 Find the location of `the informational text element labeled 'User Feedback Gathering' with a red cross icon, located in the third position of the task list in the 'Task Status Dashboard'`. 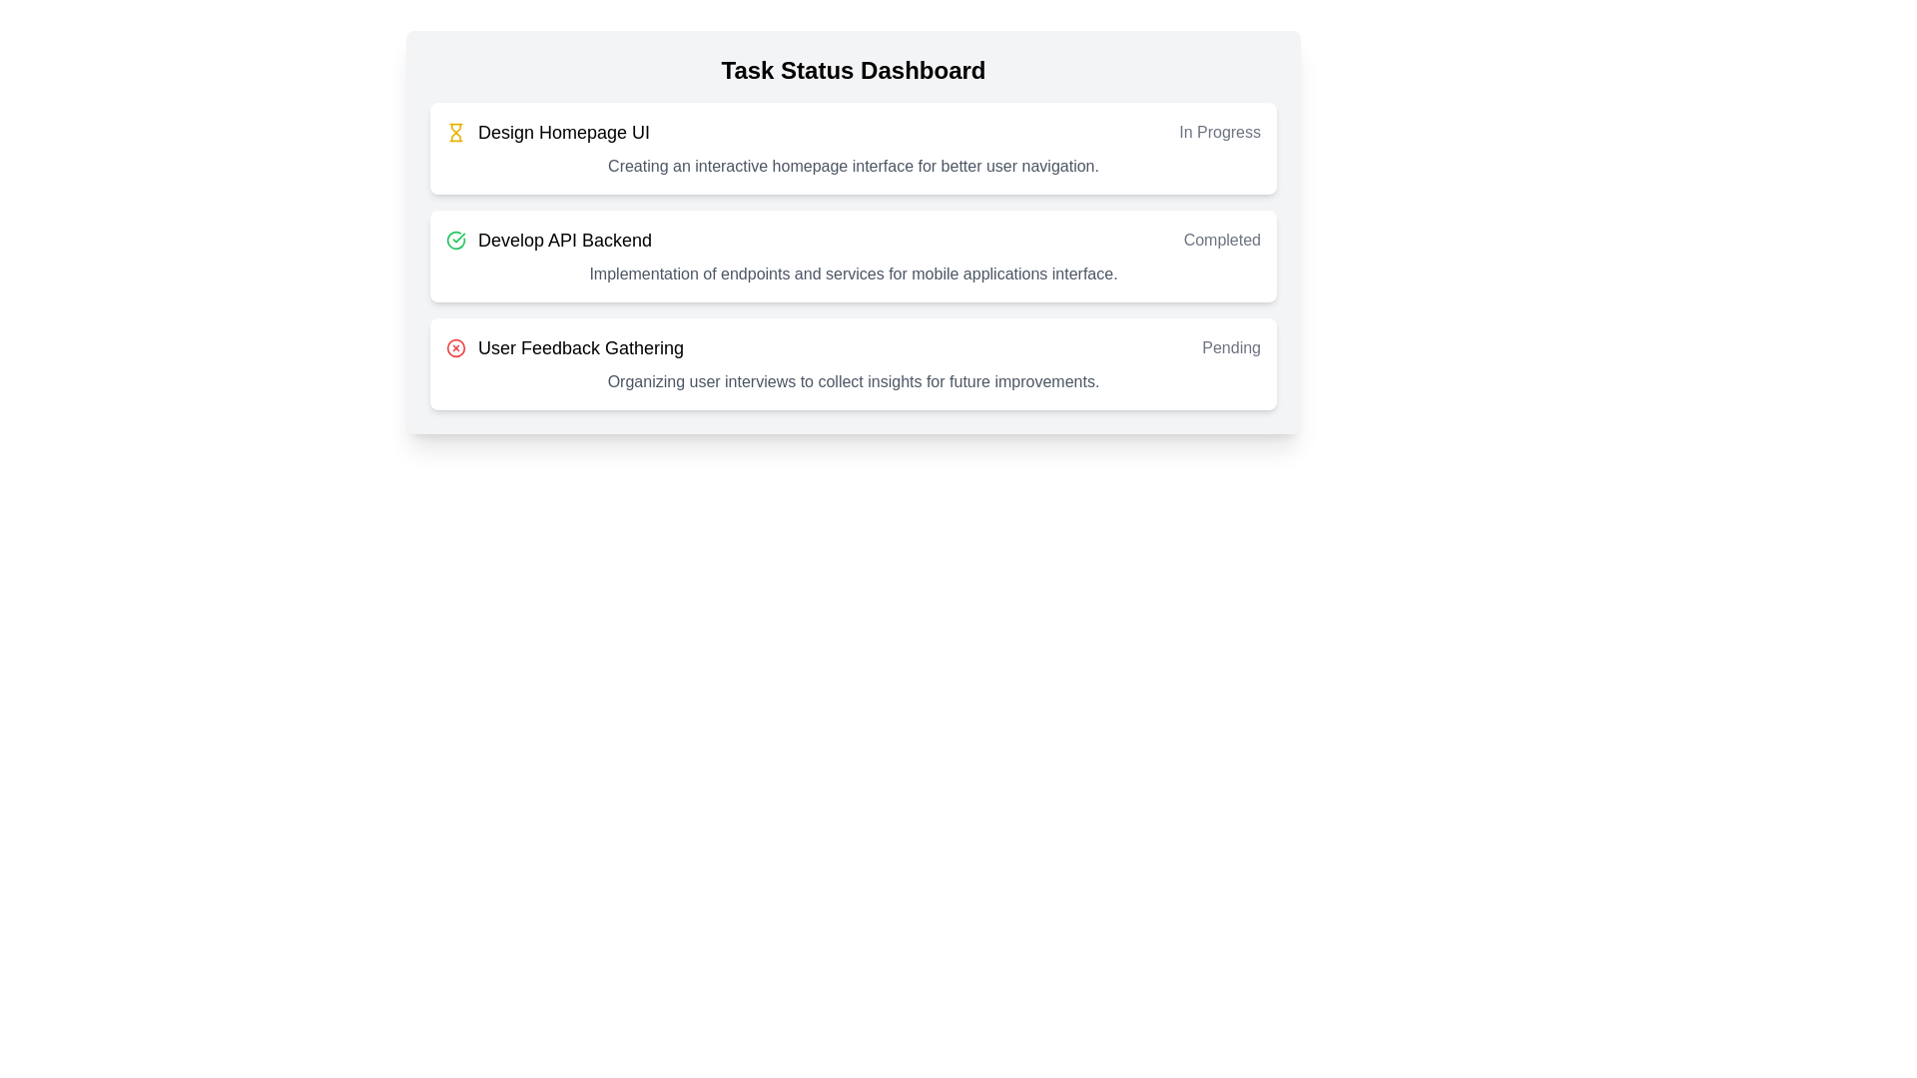

the informational text element labeled 'User Feedback Gathering' with a red cross icon, located in the third position of the task list in the 'Task Status Dashboard' is located at coordinates (564, 346).